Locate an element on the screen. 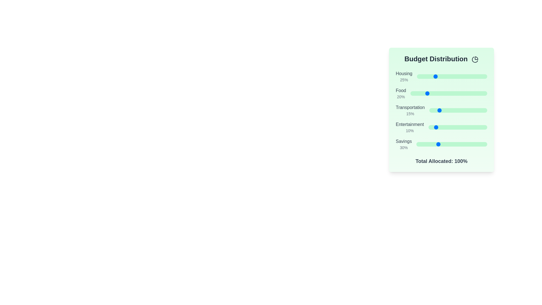  the 'Food' slider to set its value to 18 is located at coordinates (424, 93).